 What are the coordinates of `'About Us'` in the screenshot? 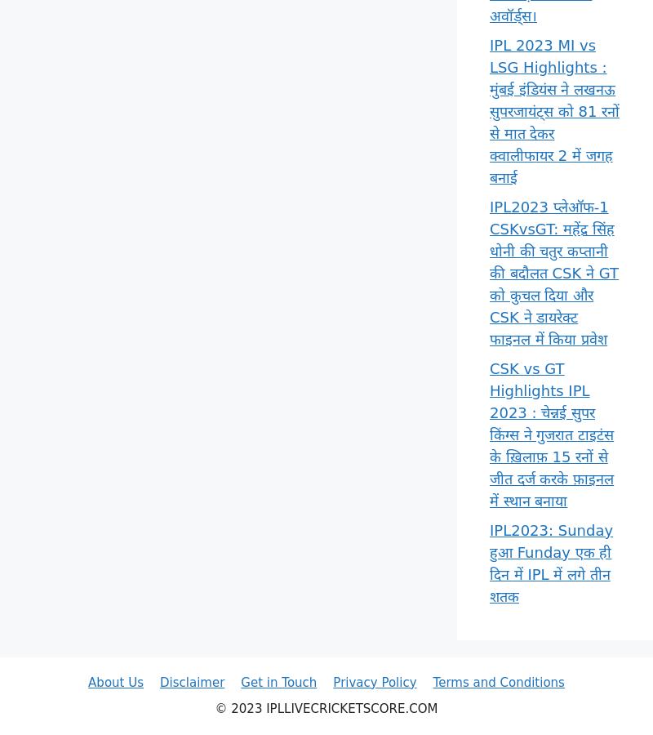 It's located at (87, 682).